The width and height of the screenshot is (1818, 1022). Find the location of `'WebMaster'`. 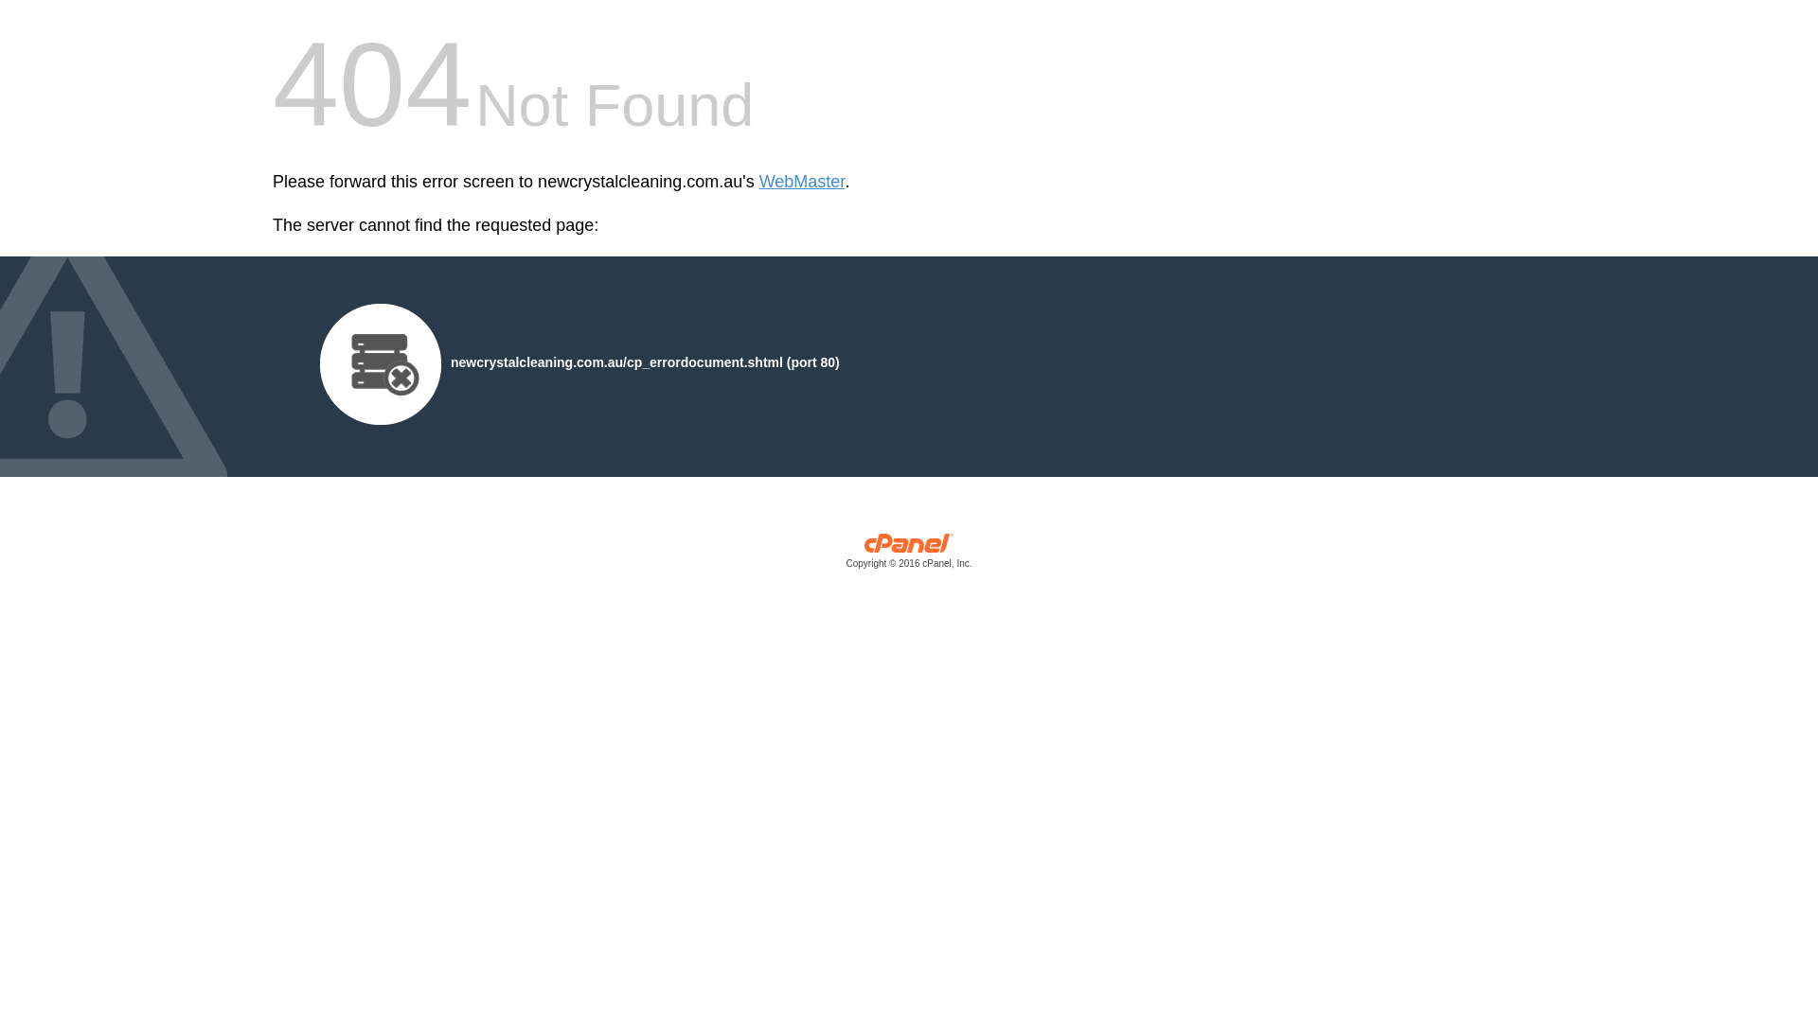

'WebMaster' is located at coordinates (758, 182).